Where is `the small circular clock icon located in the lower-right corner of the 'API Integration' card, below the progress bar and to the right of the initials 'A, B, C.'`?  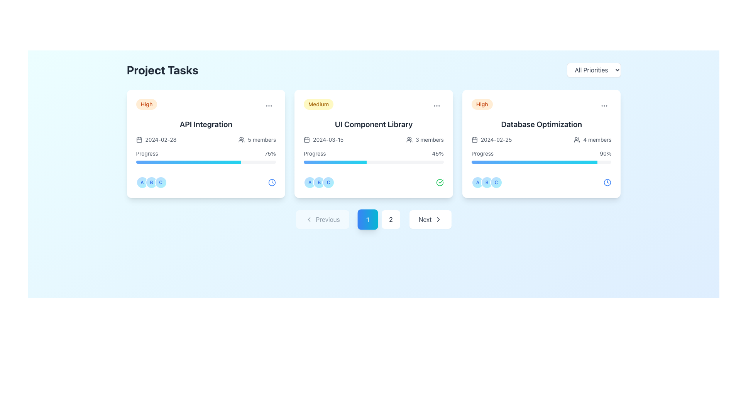 the small circular clock icon located in the lower-right corner of the 'API Integration' card, below the progress bar and to the right of the initials 'A, B, C.' is located at coordinates (272, 183).